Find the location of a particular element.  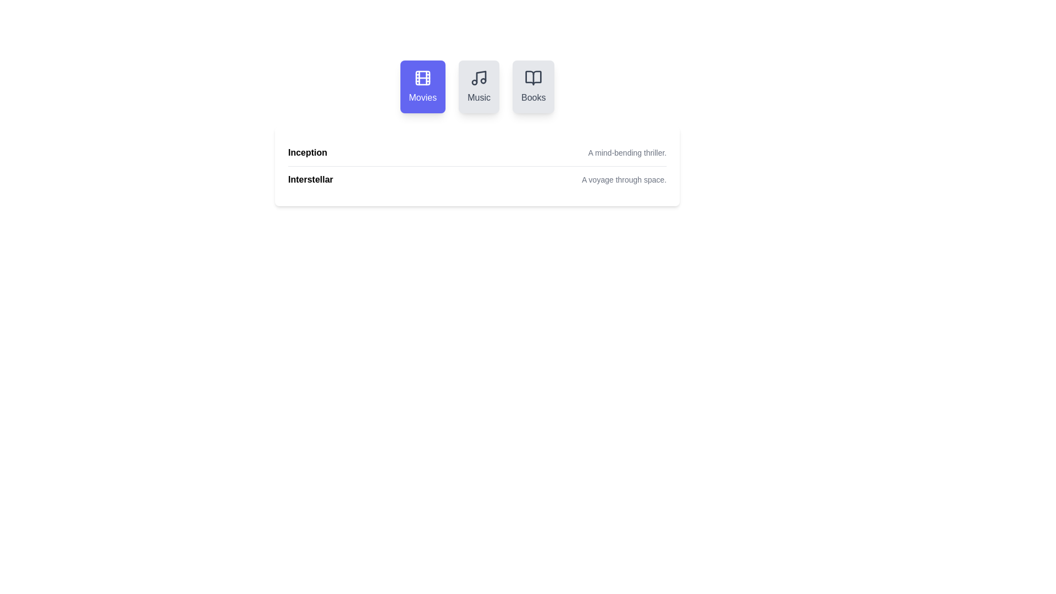

the title Interstellar in the active tab is located at coordinates (310, 179).